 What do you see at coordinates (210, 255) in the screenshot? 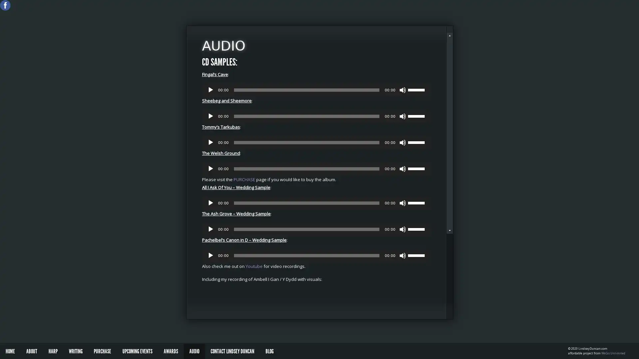
I see `Play` at bounding box center [210, 255].